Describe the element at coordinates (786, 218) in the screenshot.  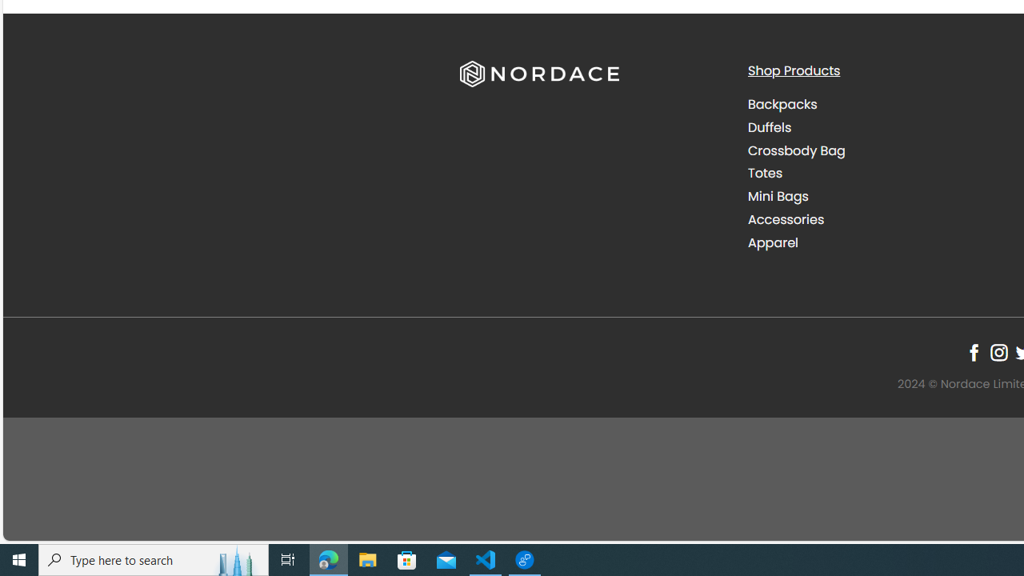
I see `'Accessories'` at that location.